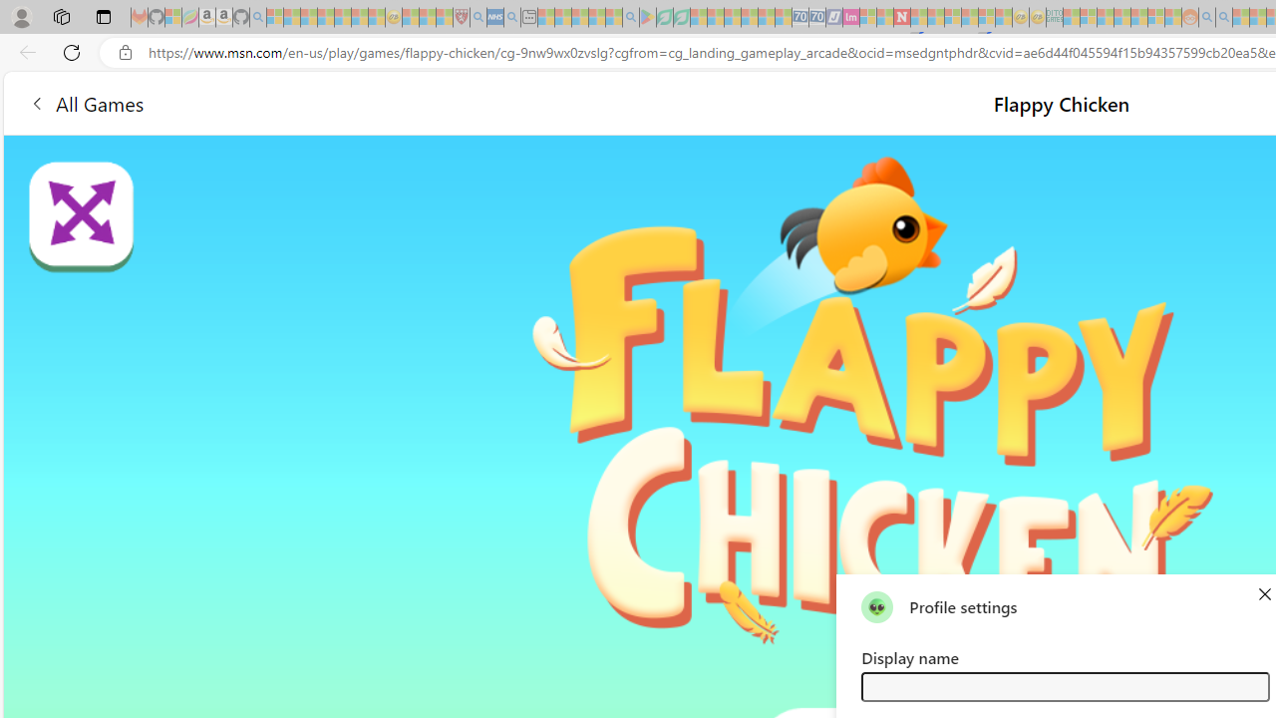  I want to click on 'Cheap Car Rentals - Save70.com - Sleeping', so click(800, 17).